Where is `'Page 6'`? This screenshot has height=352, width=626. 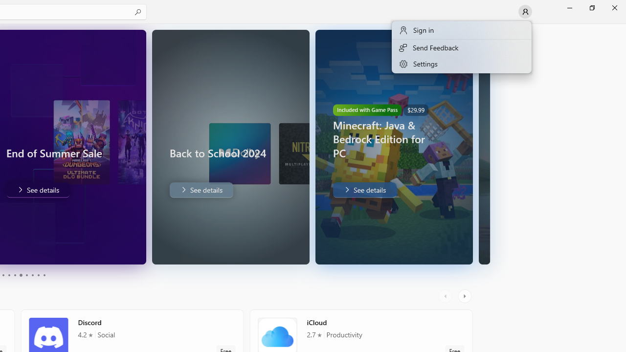
'Page 6' is located at coordinates (21, 275).